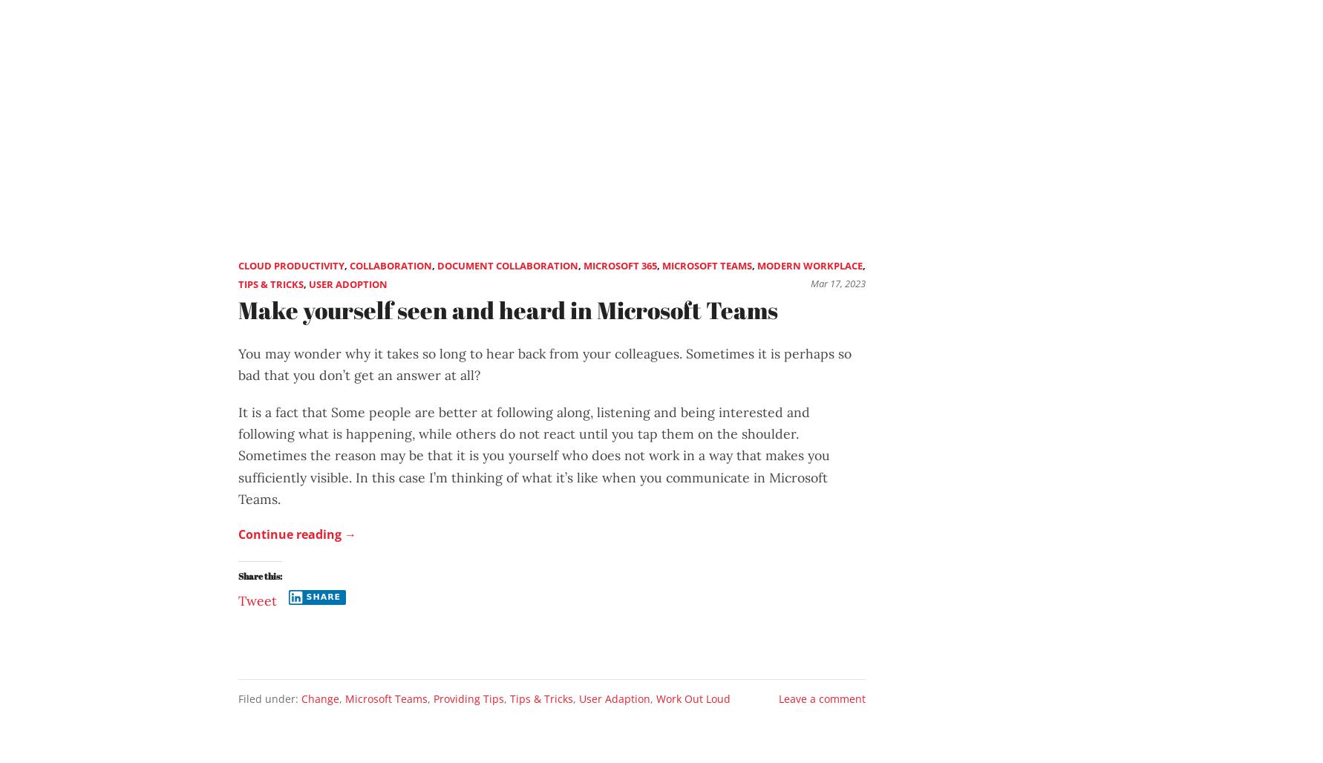 This screenshot has height=763, width=1323. Describe the element at coordinates (390, 264) in the screenshot. I see `'Collaboration'` at that location.